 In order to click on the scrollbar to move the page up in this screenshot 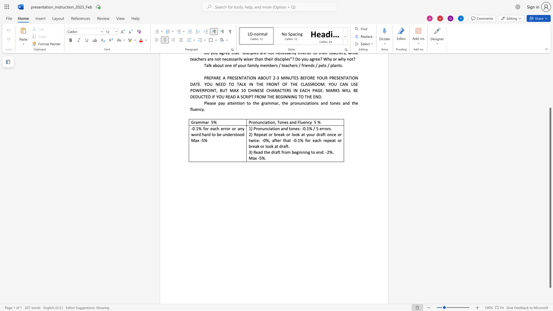, I will do `click(550, 81)`.